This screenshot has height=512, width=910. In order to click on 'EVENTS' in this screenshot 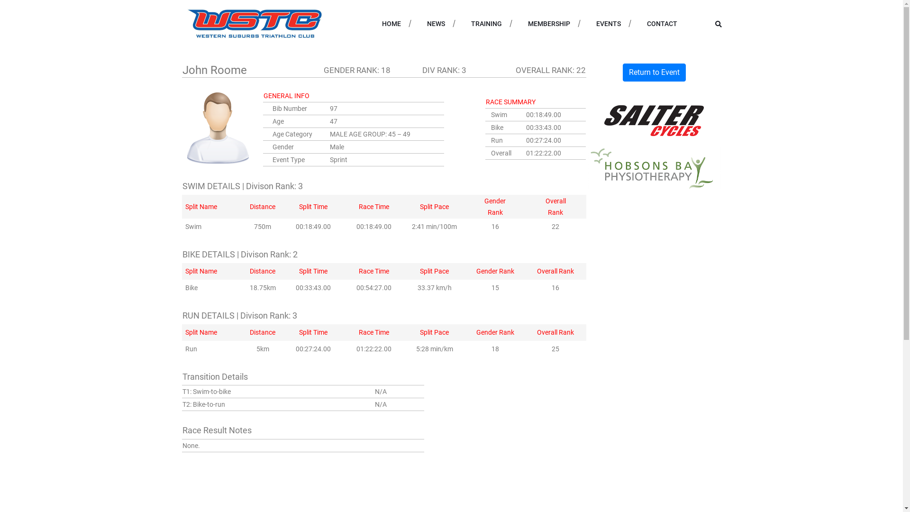, I will do `click(608, 23)`.